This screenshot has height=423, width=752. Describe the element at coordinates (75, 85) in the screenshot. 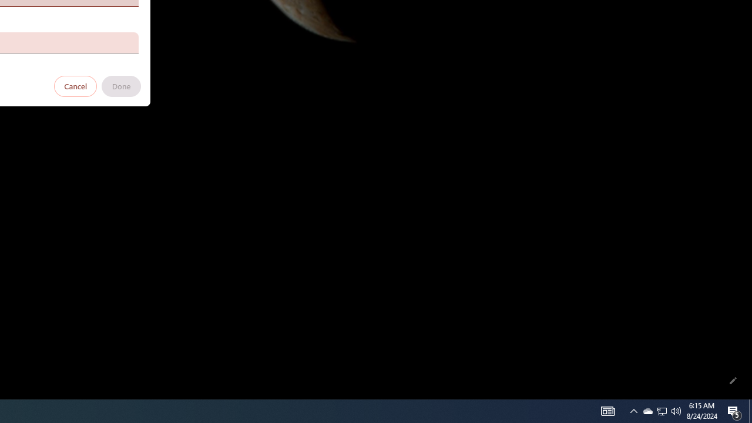

I see `'Cancel'` at that location.